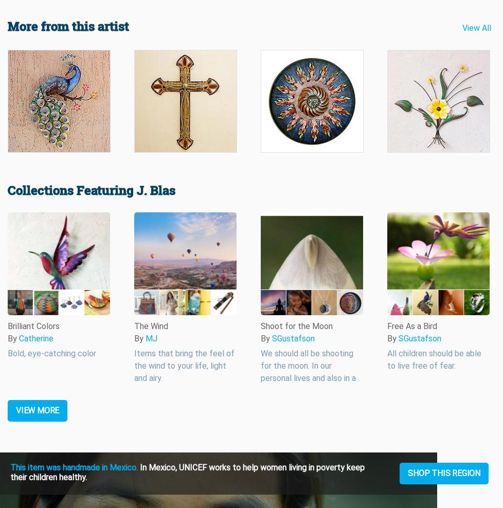  Describe the element at coordinates (184, 366) in the screenshot. I see `'Items that bring the feel of the wind to your life, light and airy.'` at that location.